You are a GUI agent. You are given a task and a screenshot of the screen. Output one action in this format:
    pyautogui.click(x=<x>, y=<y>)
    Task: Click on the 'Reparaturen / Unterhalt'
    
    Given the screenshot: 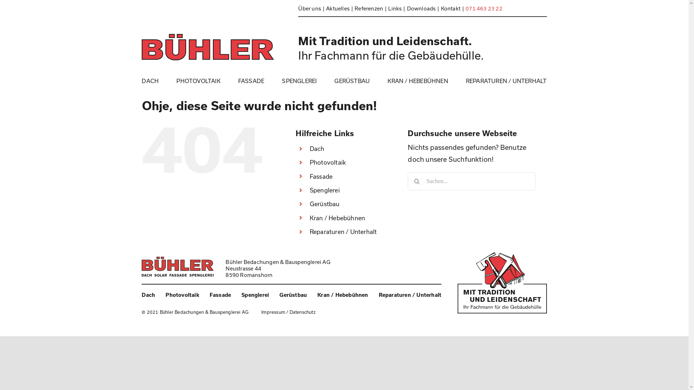 What is the action you would take?
    pyautogui.click(x=410, y=295)
    